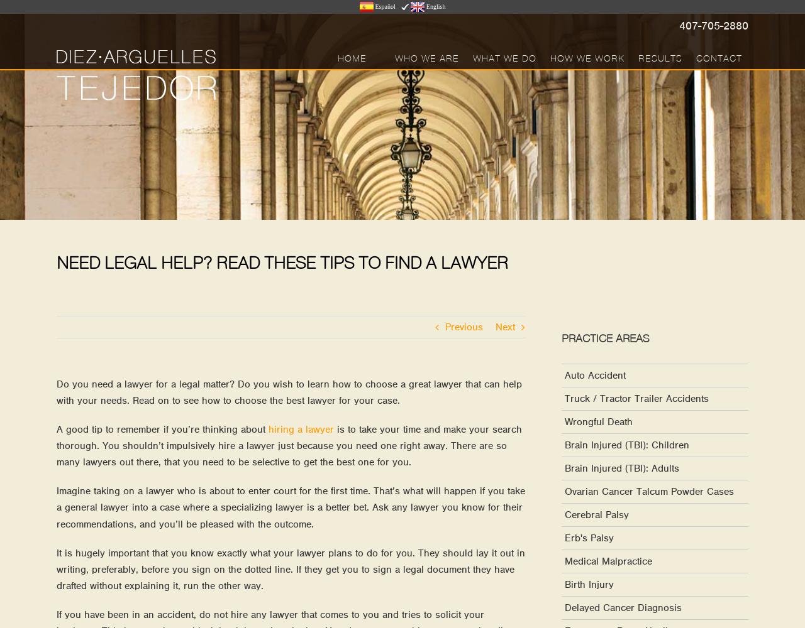 Image resolution: width=805 pixels, height=628 pixels. What do you see at coordinates (333, 215) in the screenshot?
I see `'Cerebral Palsy Cases'` at bounding box center [333, 215].